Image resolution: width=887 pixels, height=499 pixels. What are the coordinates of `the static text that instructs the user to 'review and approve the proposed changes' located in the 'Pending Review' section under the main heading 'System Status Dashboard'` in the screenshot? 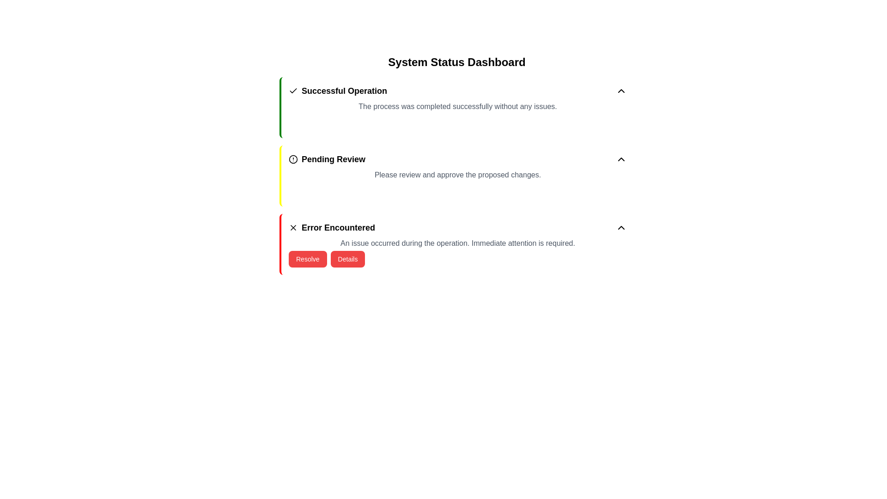 It's located at (457, 175).